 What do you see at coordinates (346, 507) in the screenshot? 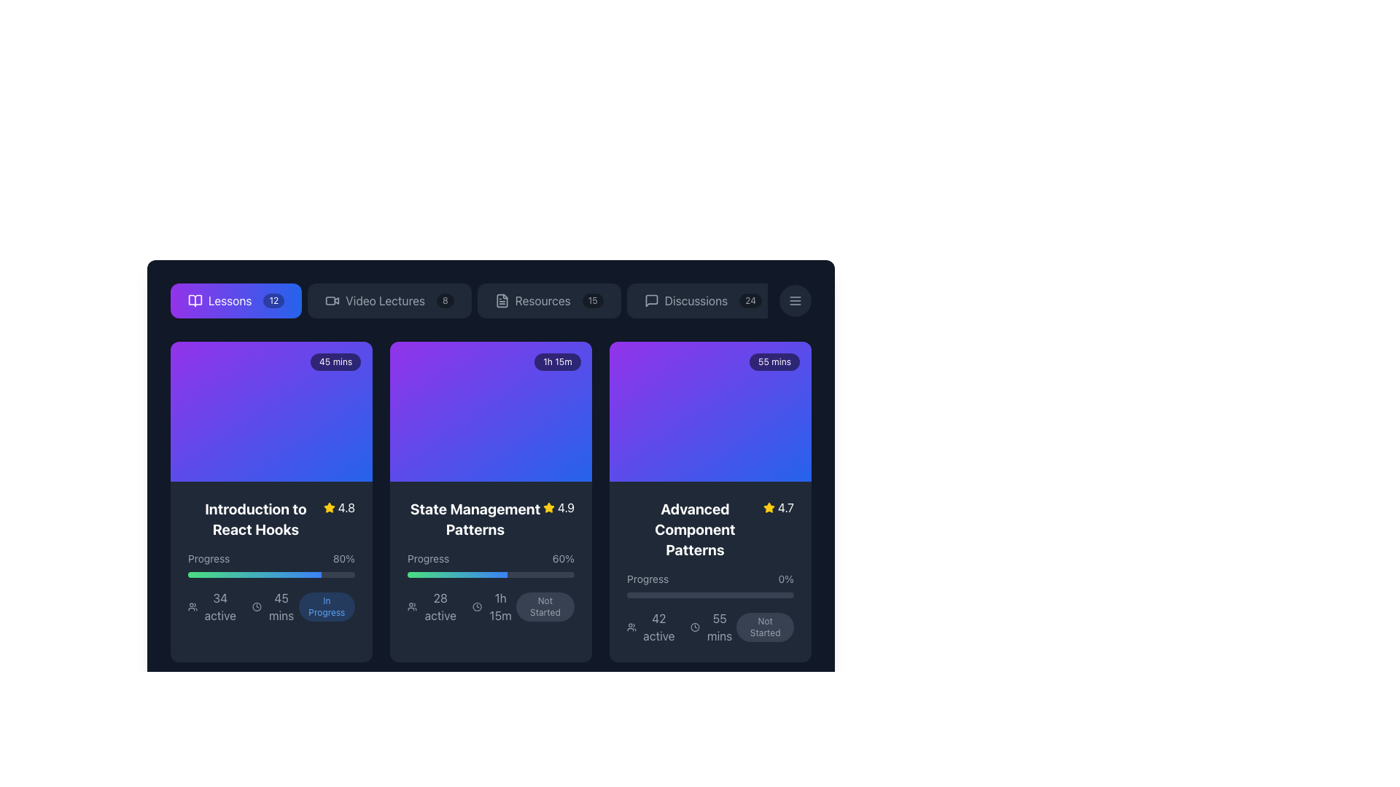
I see `rating displayed in the numerical text '4.8' located at the bottom right corner of the 'Introduction to React Hooks' lesson card, next to the yellow star icon` at bounding box center [346, 507].